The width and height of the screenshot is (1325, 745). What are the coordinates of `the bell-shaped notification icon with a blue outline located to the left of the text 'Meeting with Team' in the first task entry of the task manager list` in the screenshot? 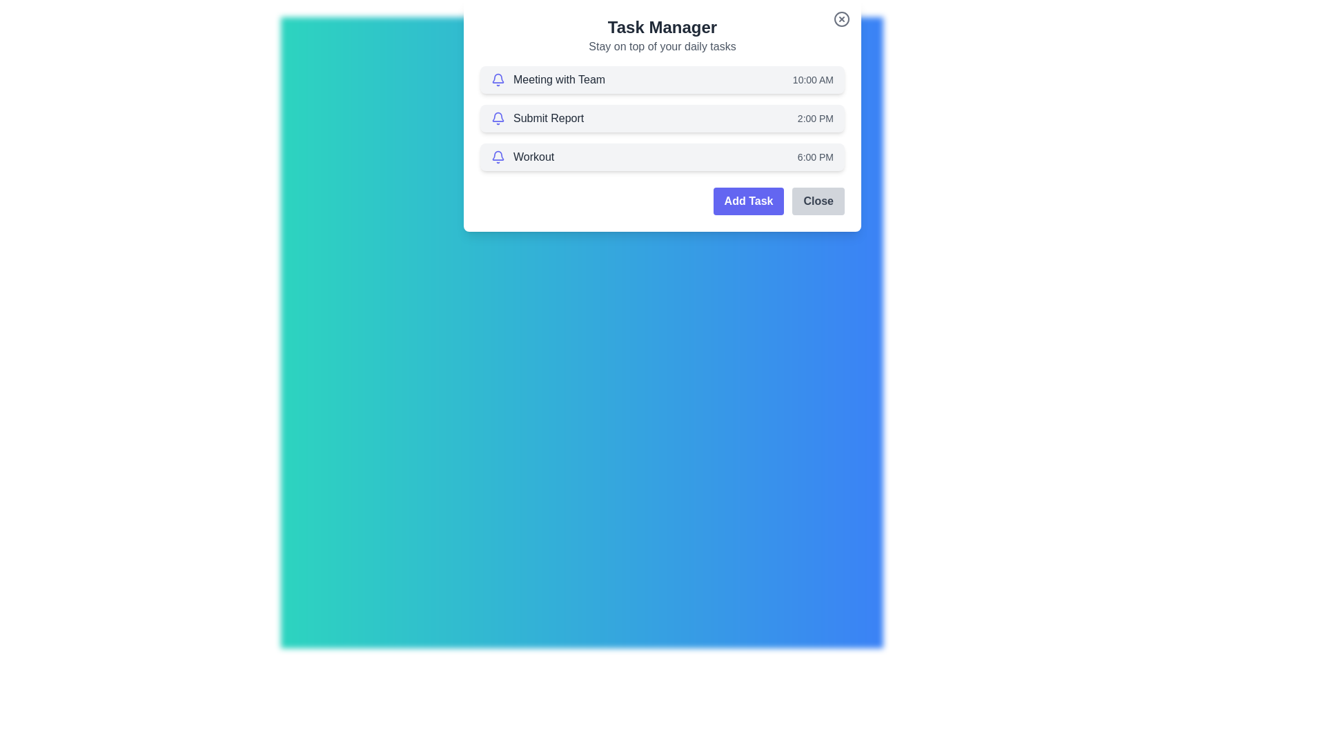 It's located at (497, 79).